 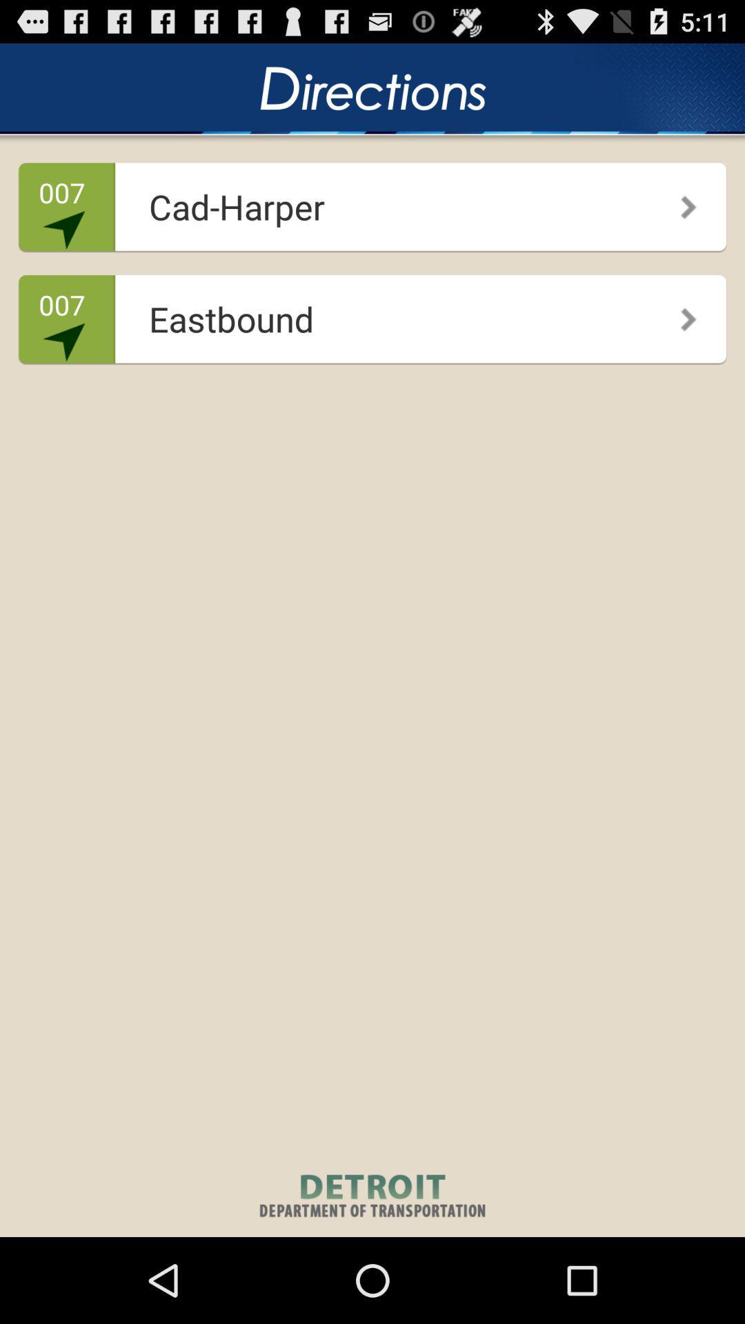 What do you see at coordinates (368, 201) in the screenshot?
I see `app next to 007 item` at bounding box center [368, 201].